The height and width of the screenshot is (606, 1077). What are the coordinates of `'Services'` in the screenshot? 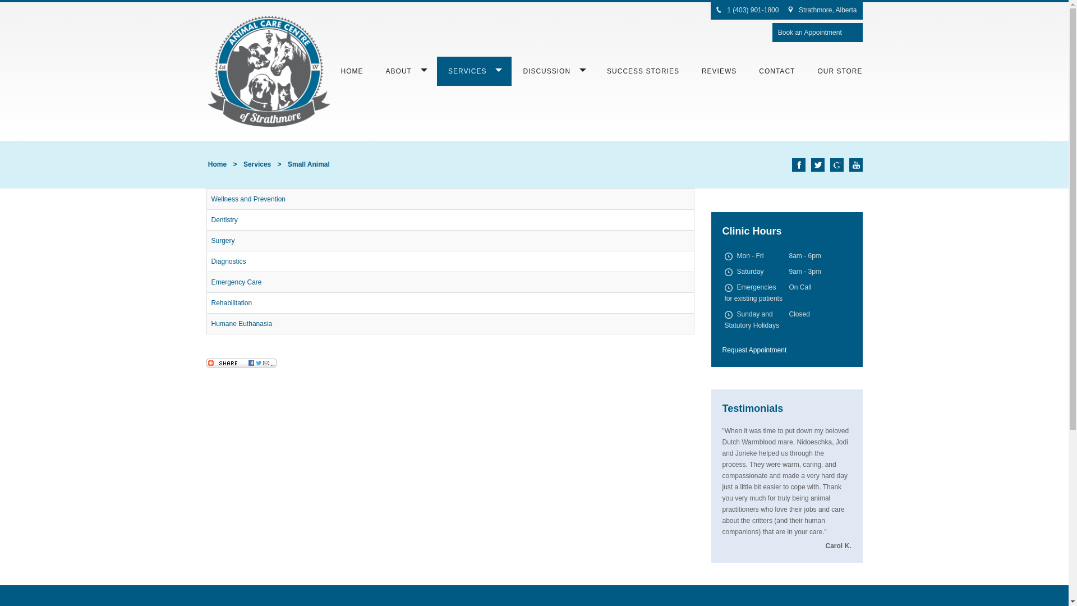 It's located at (242, 164).